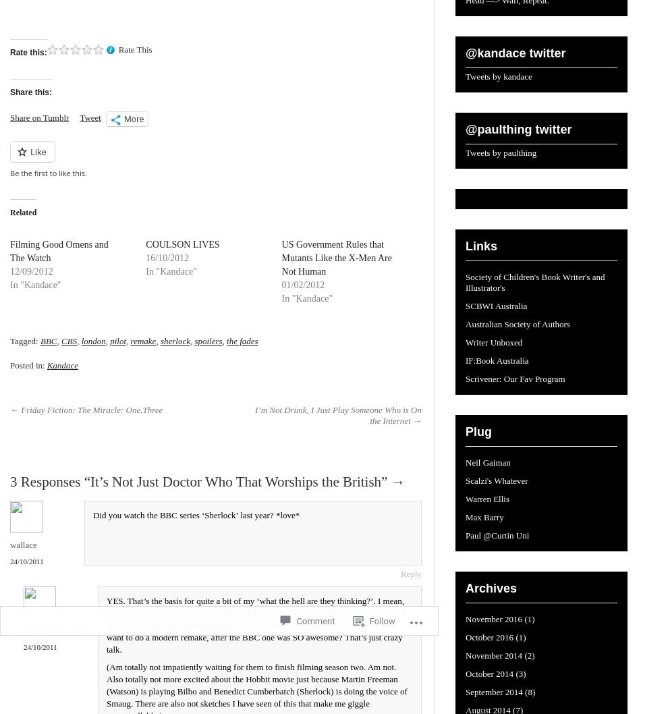 The height and width of the screenshot is (714, 668). I want to click on 'Reply', so click(410, 573).